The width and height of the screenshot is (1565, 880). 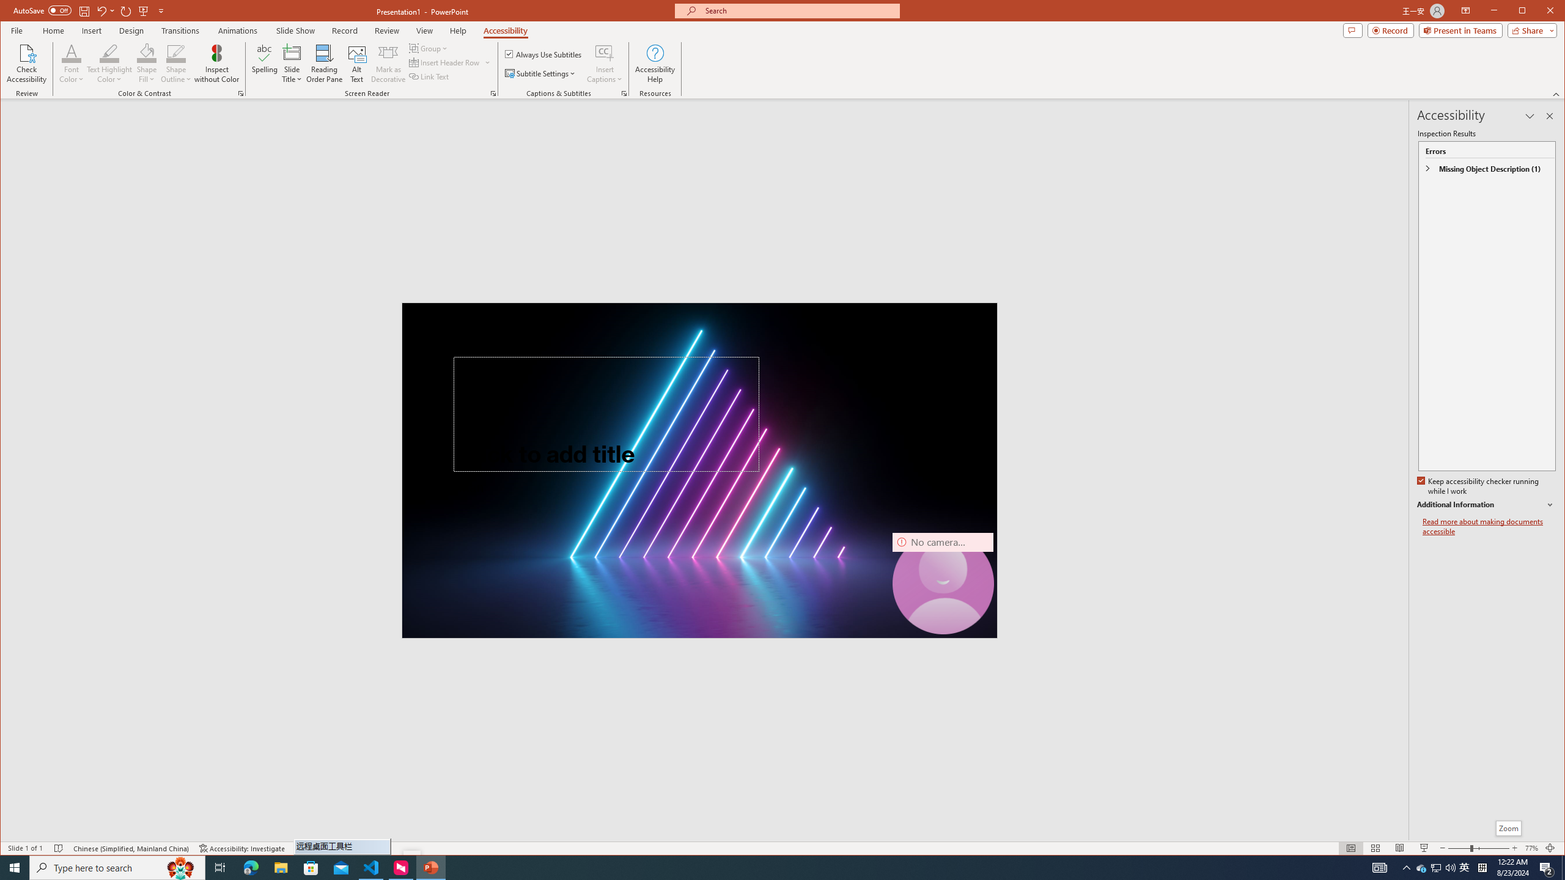 What do you see at coordinates (387, 63) in the screenshot?
I see `'Mark as Decorative'` at bounding box center [387, 63].